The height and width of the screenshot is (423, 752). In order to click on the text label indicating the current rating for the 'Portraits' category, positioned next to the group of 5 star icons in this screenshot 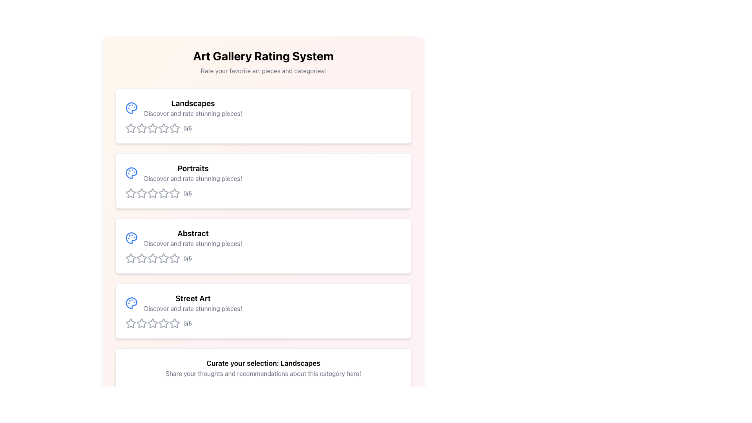, I will do `click(187, 193)`.